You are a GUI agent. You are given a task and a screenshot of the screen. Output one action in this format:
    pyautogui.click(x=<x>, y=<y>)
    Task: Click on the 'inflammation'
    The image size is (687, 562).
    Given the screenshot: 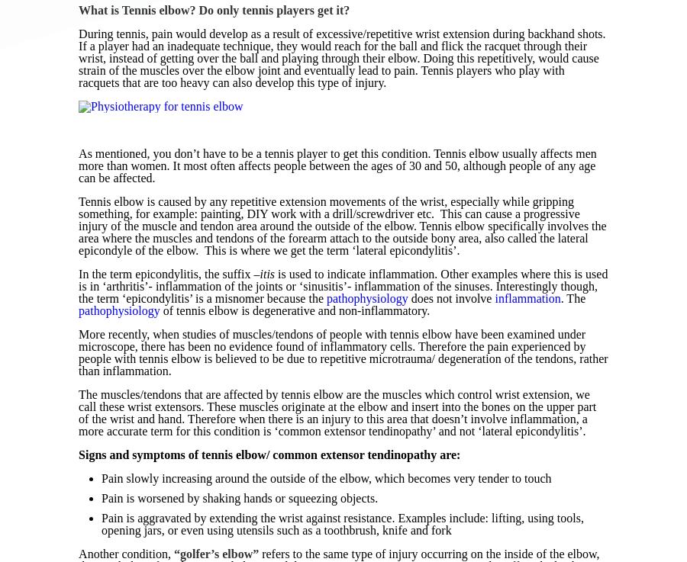 What is the action you would take?
    pyautogui.click(x=527, y=298)
    